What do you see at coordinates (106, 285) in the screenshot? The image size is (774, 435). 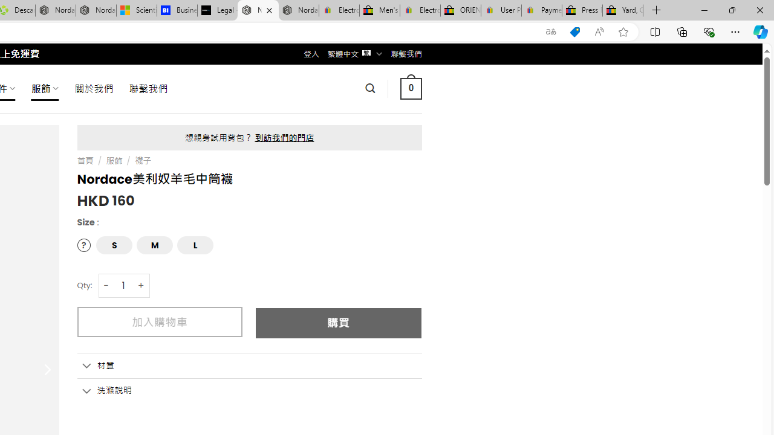 I see `'-'` at bounding box center [106, 285].